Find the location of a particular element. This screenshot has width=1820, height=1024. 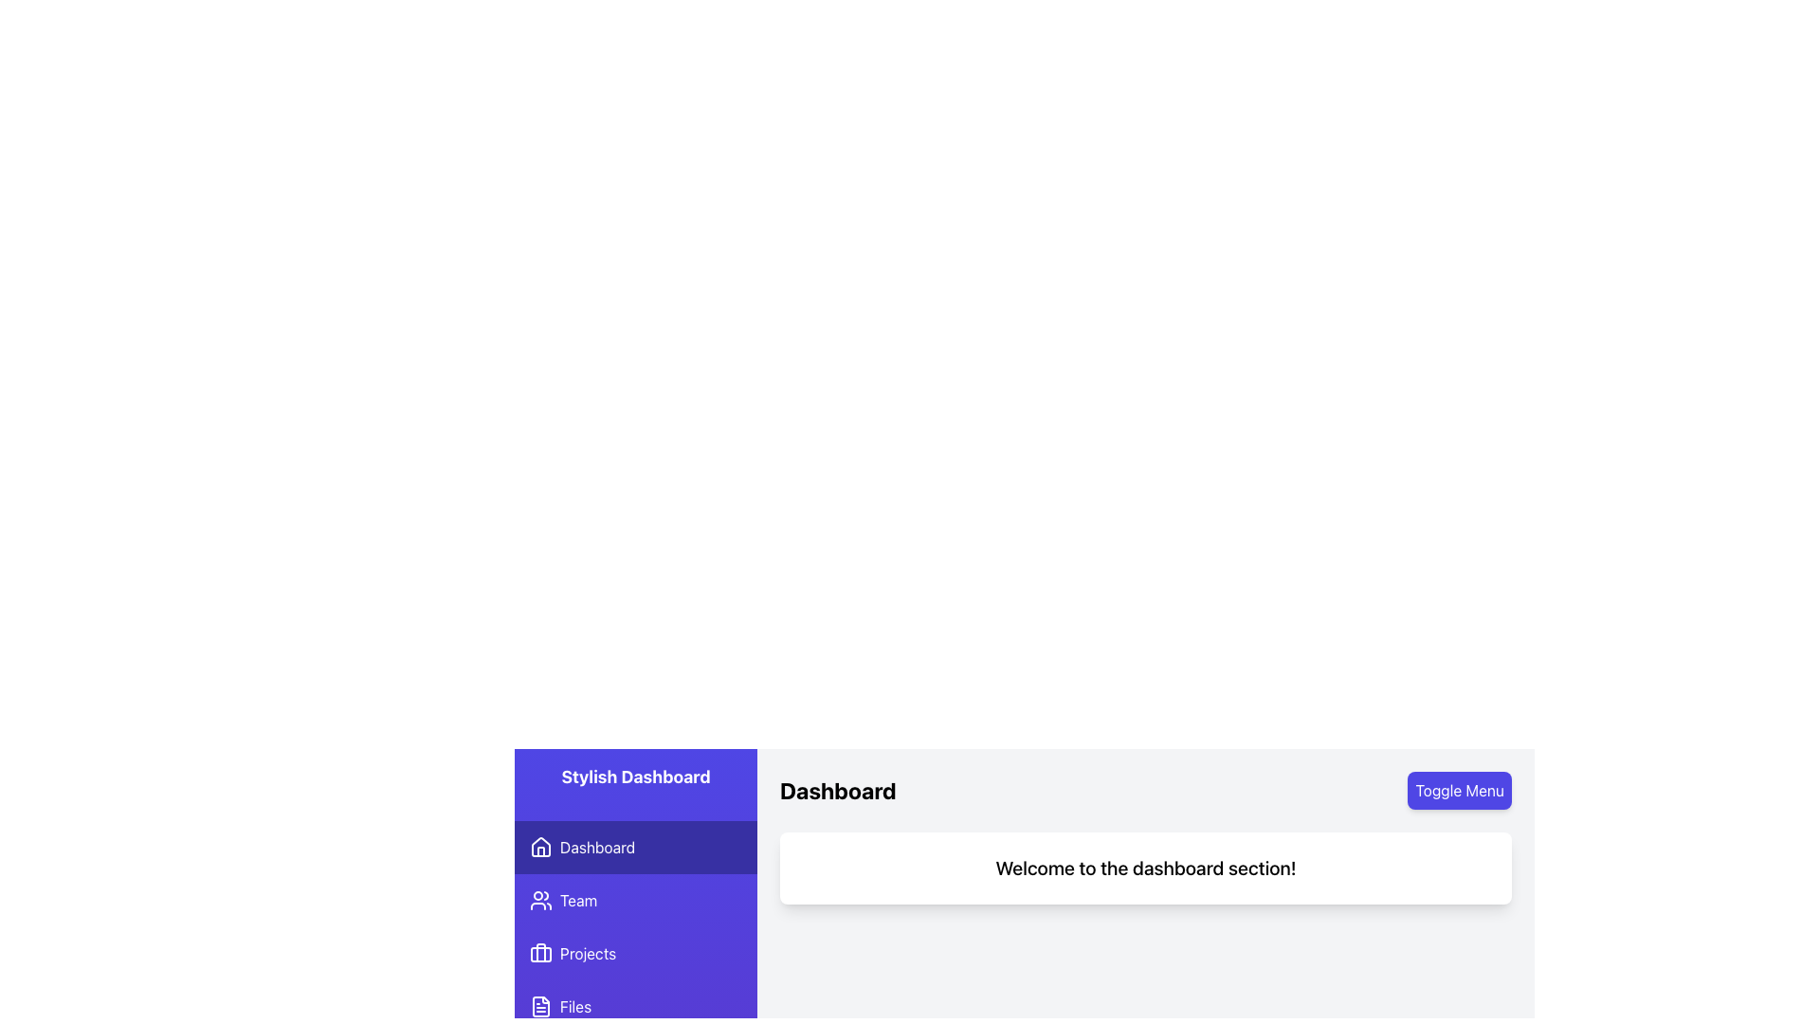

the 'Dashboard' text label in the sidebar is located at coordinates (596, 847).